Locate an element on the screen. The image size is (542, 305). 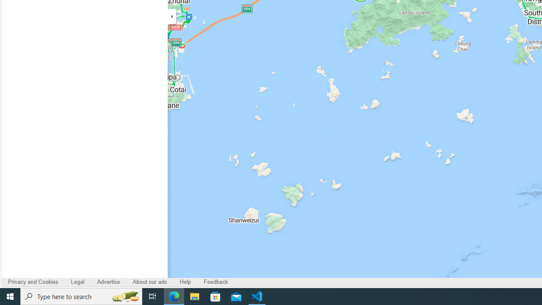
'About our ads' is located at coordinates (149, 282).